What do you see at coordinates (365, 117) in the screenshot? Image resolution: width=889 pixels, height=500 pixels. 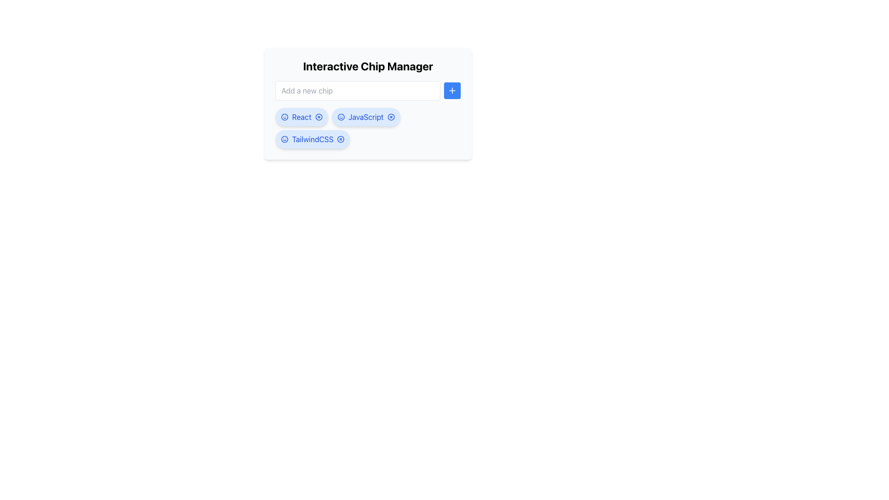 I see `the tag button for 'JavaScript' which is positioned to the right of the 'React' button and to the left of the 'TailwindCSS' button` at bounding box center [365, 117].